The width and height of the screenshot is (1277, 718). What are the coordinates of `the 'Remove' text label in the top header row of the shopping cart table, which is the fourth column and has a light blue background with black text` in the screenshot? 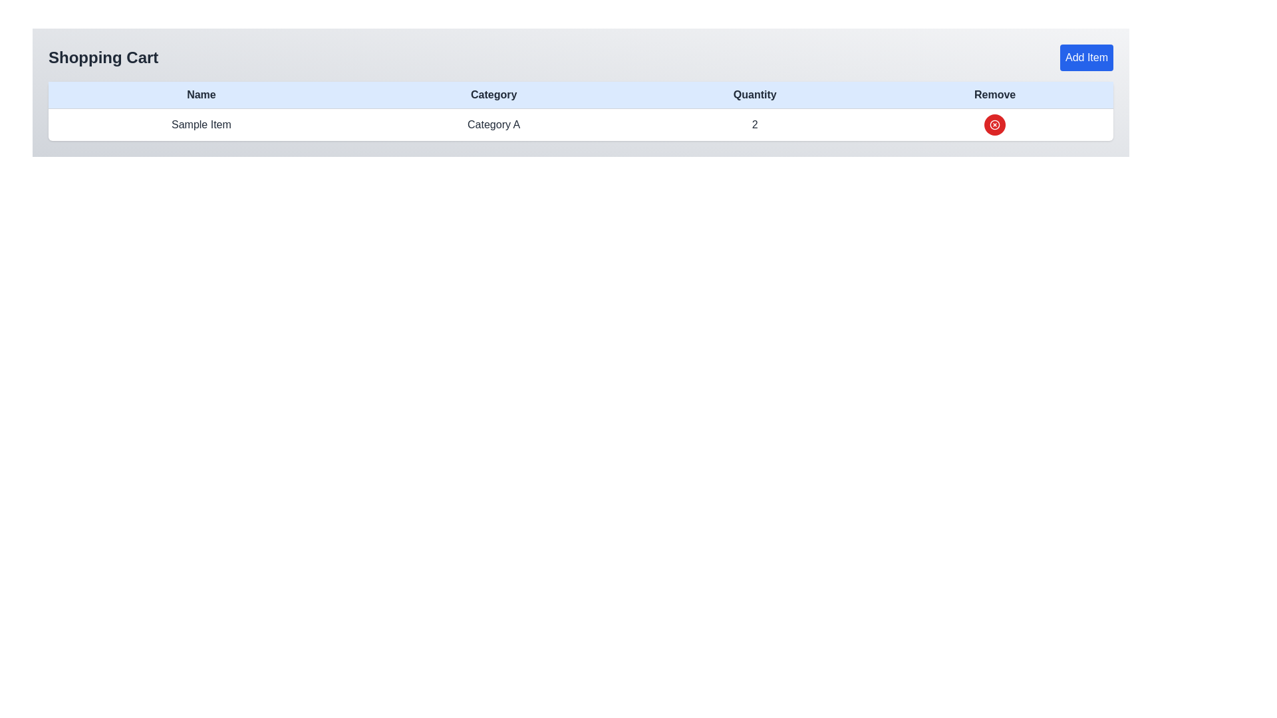 It's located at (995, 94).